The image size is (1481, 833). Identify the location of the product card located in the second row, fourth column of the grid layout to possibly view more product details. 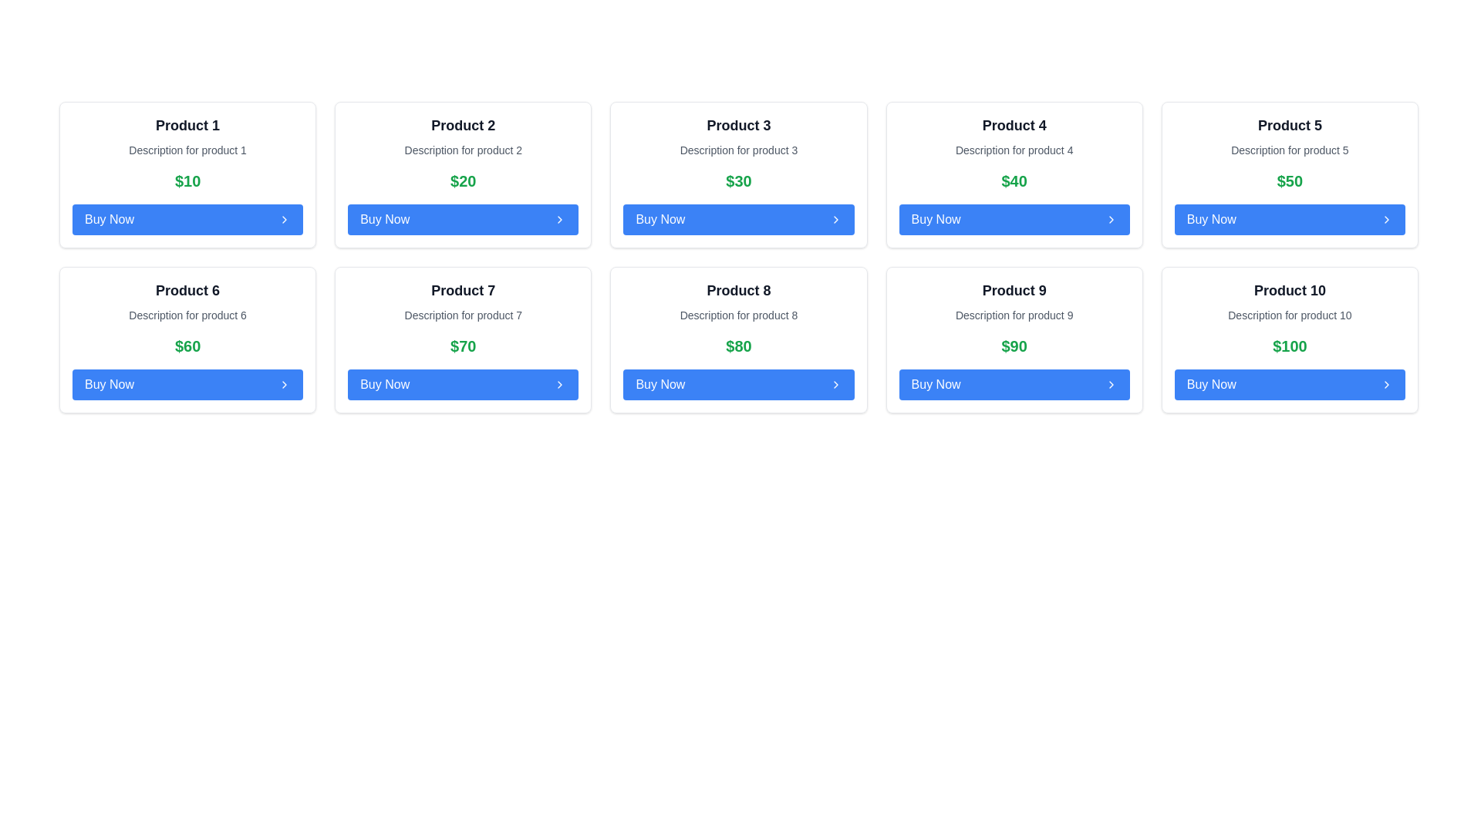
(1014, 339).